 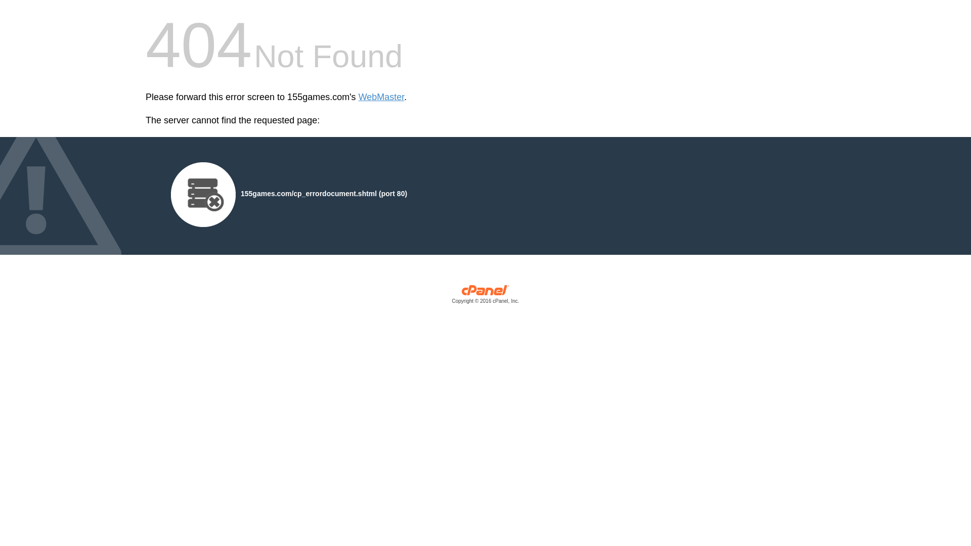 What do you see at coordinates (359, 97) in the screenshot?
I see `'WebMaster'` at bounding box center [359, 97].